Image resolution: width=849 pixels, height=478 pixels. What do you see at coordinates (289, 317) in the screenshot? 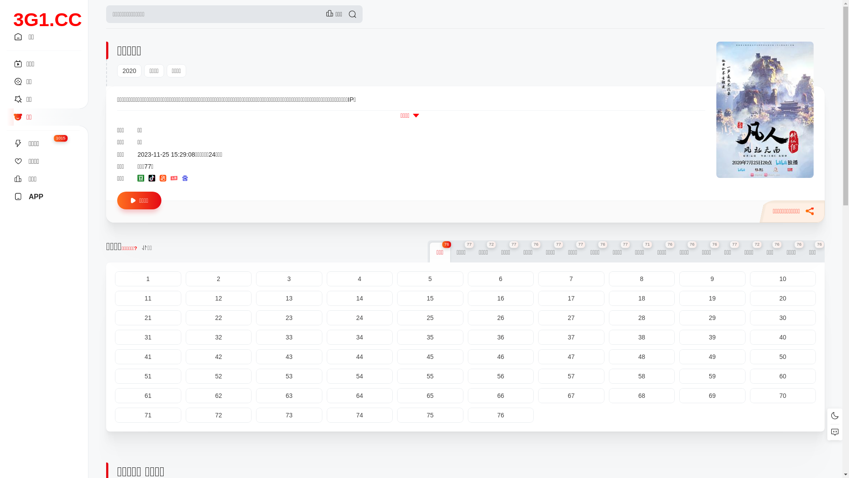
I see `'23'` at bounding box center [289, 317].